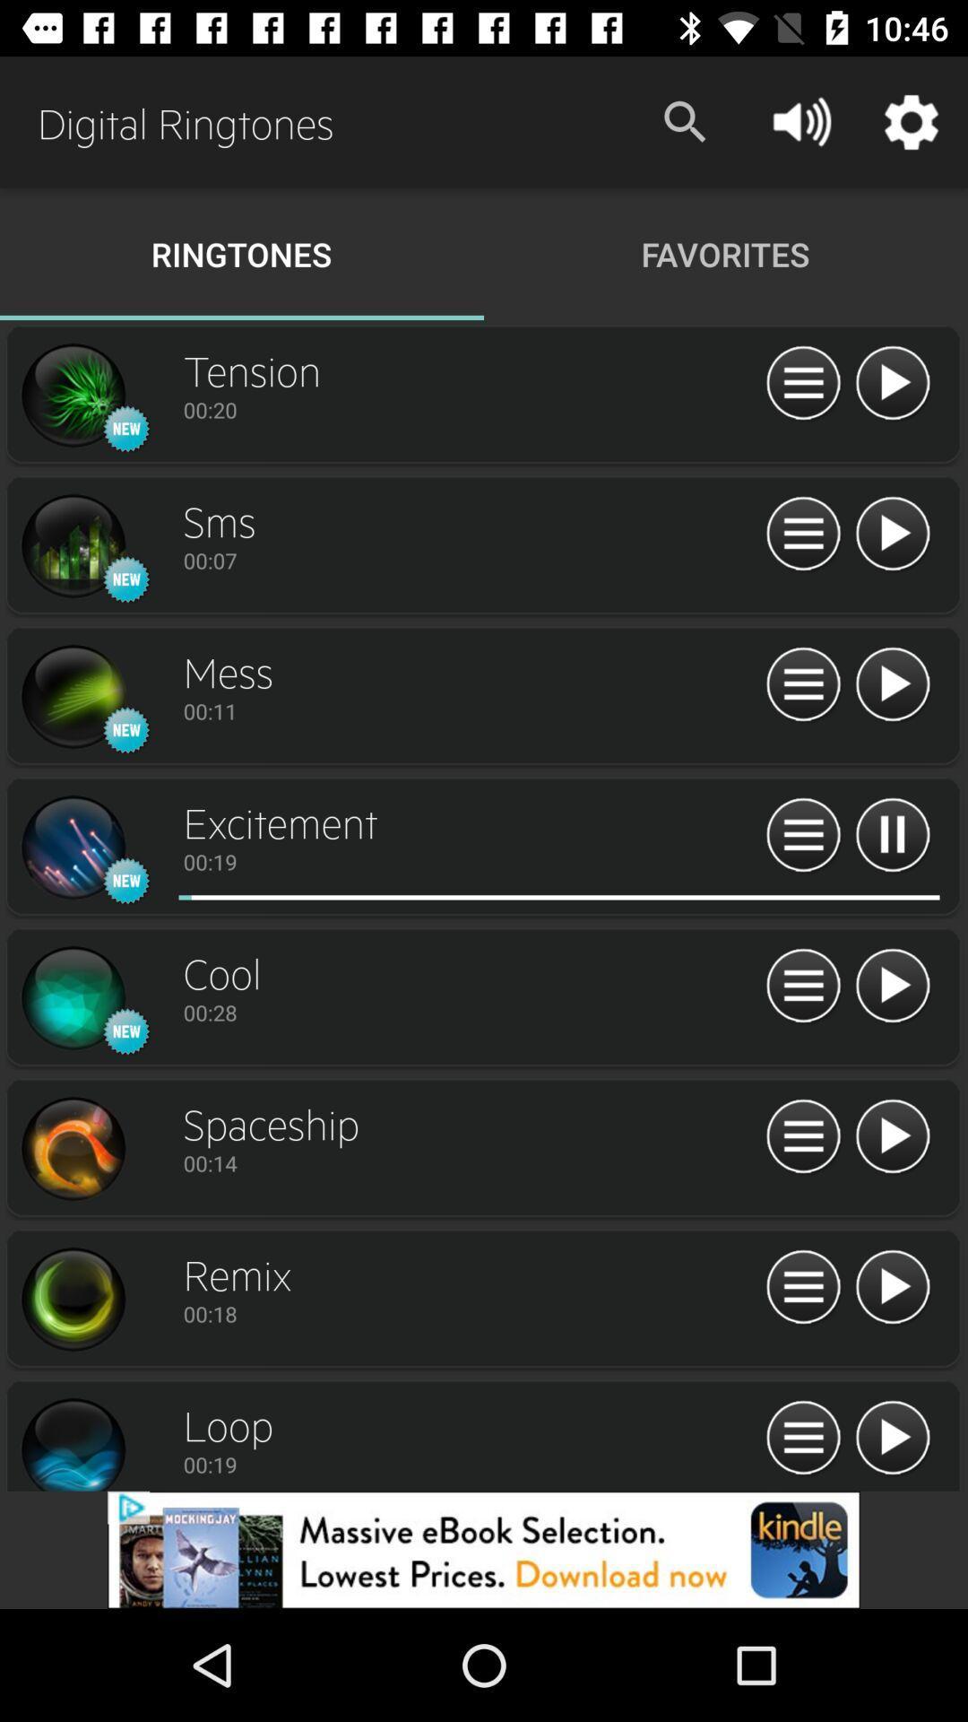  What do you see at coordinates (484, 1549) in the screenshot?
I see `advertisement page` at bounding box center [484, 1549].